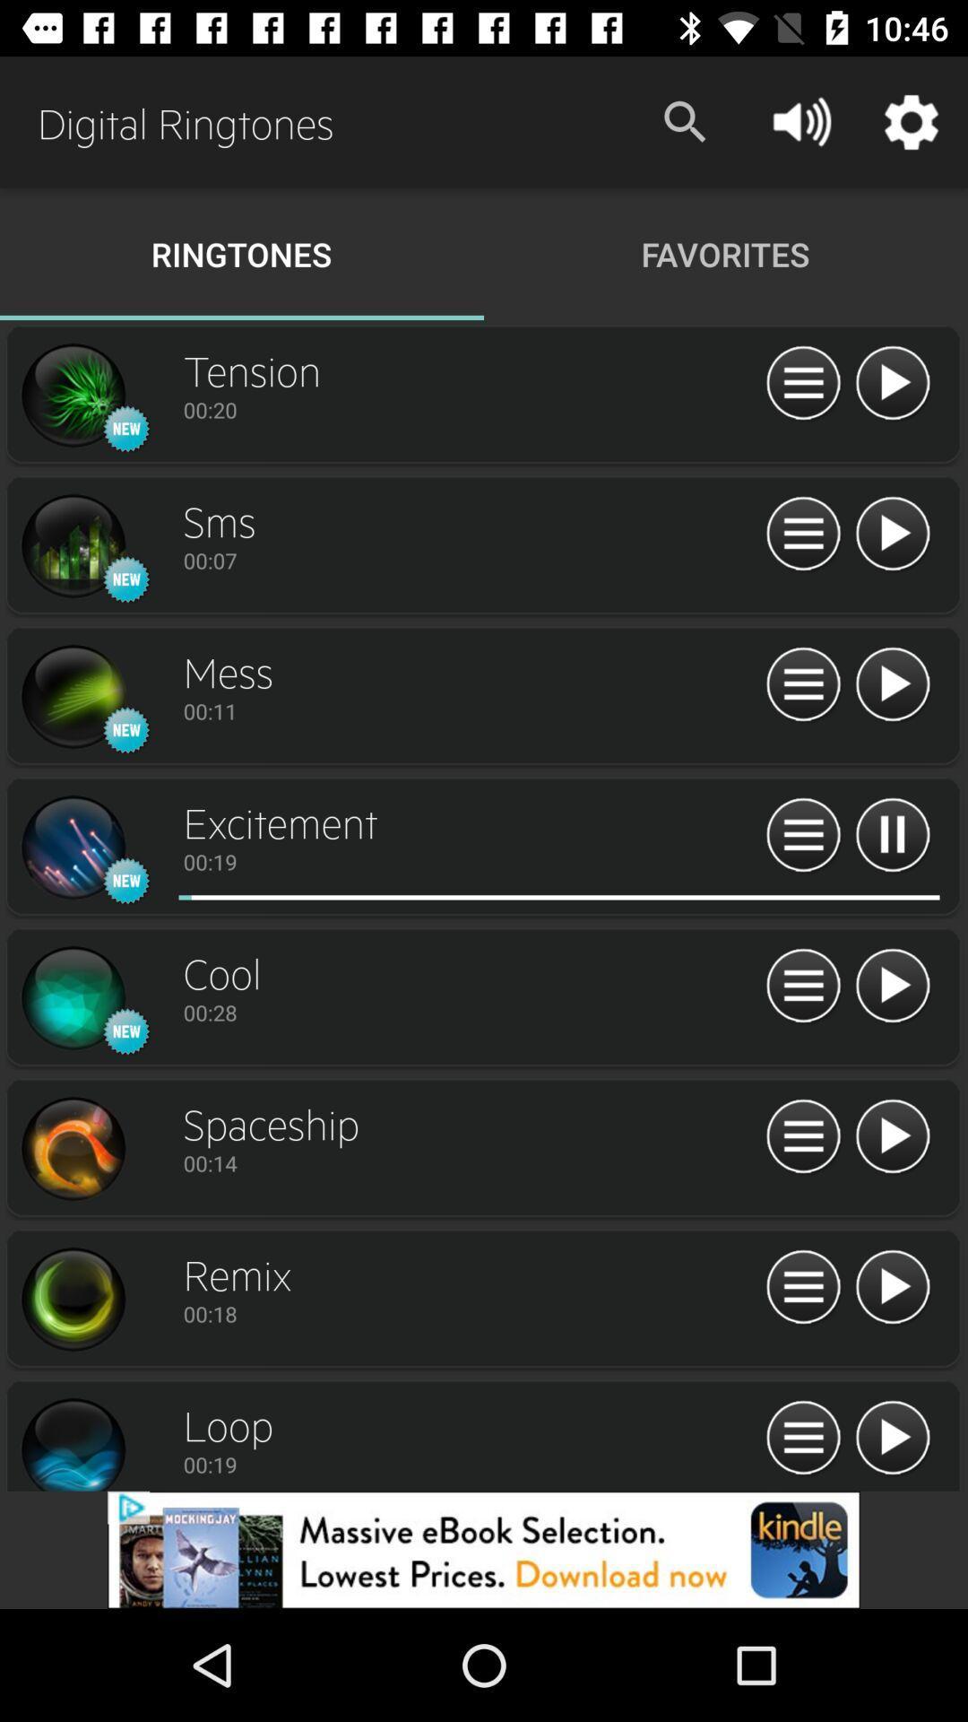  What do you see at coordinates (484, 1549) in the screenshot?
I see `advertisement page` at bounding box center [484, 1549].